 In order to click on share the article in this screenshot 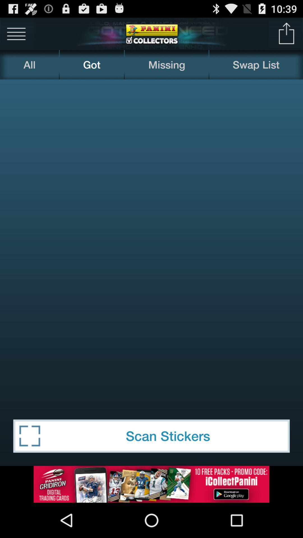, I will do `click(286, 33)`.